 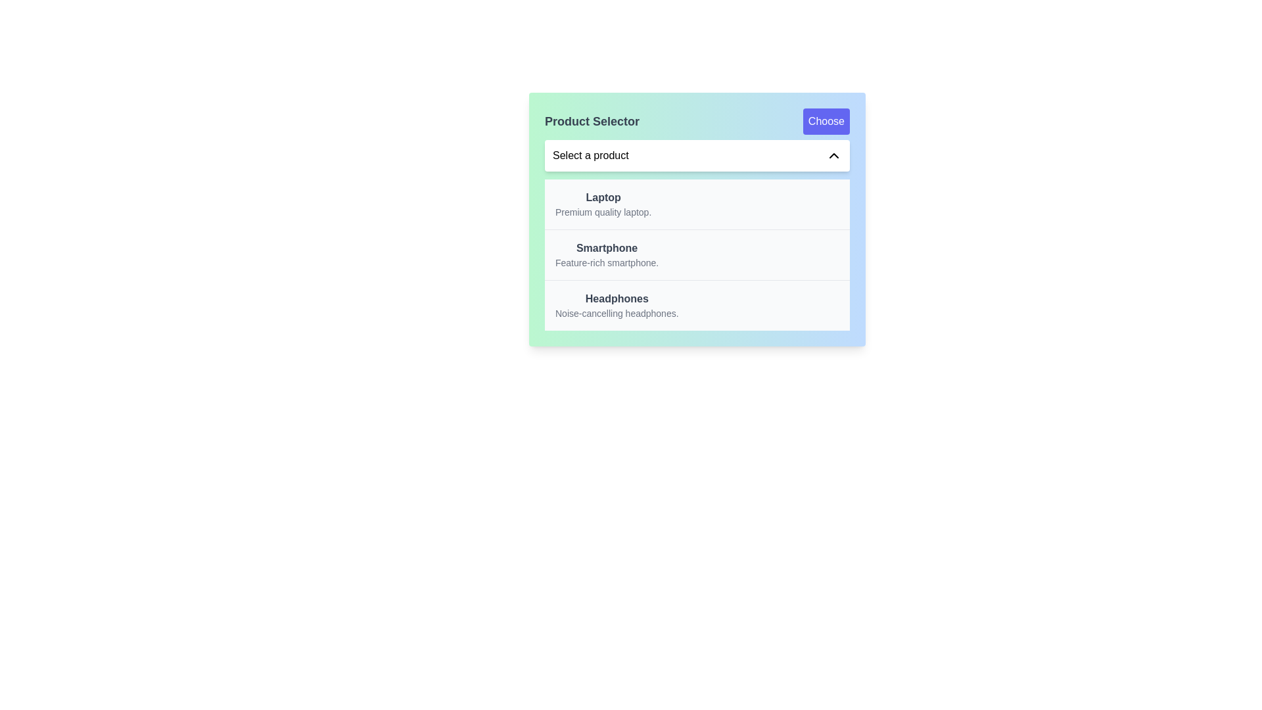 What do you see at coordinates (603, 204) in the screenshot?
I see `the selectable product category text block labeled 'Laptop' with a description 'Premium quality laptop.' which is the first item in the list of product options` at bounding box center [603, 204].